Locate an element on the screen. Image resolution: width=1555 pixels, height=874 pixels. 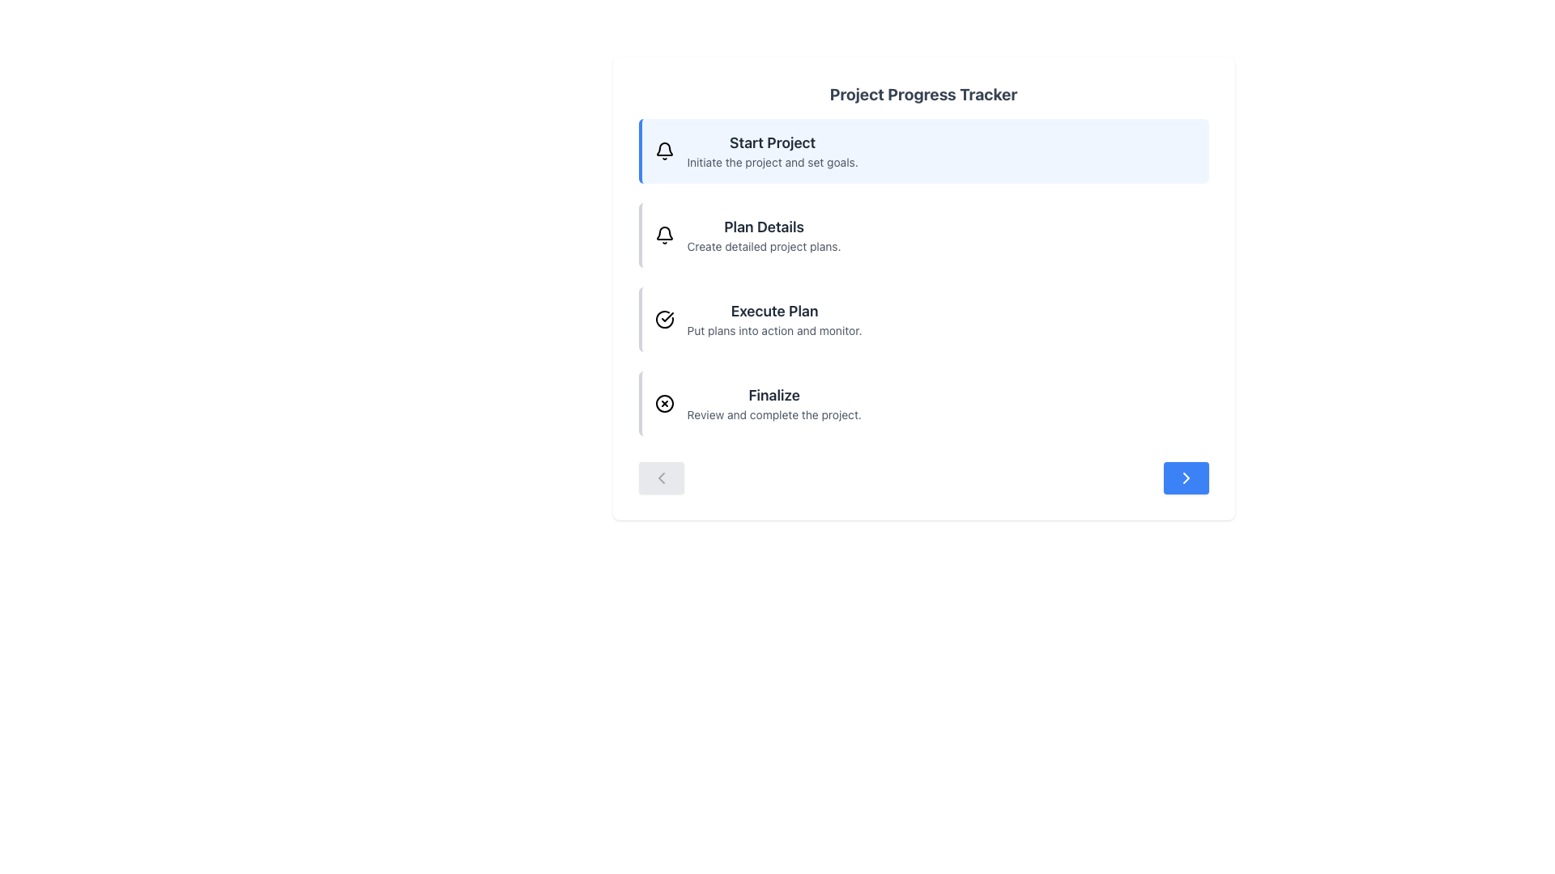
the Text Label that serves as the heading for the section below the 'Start Project' title, located in the second section of the list is located at coordinates (763, 227).